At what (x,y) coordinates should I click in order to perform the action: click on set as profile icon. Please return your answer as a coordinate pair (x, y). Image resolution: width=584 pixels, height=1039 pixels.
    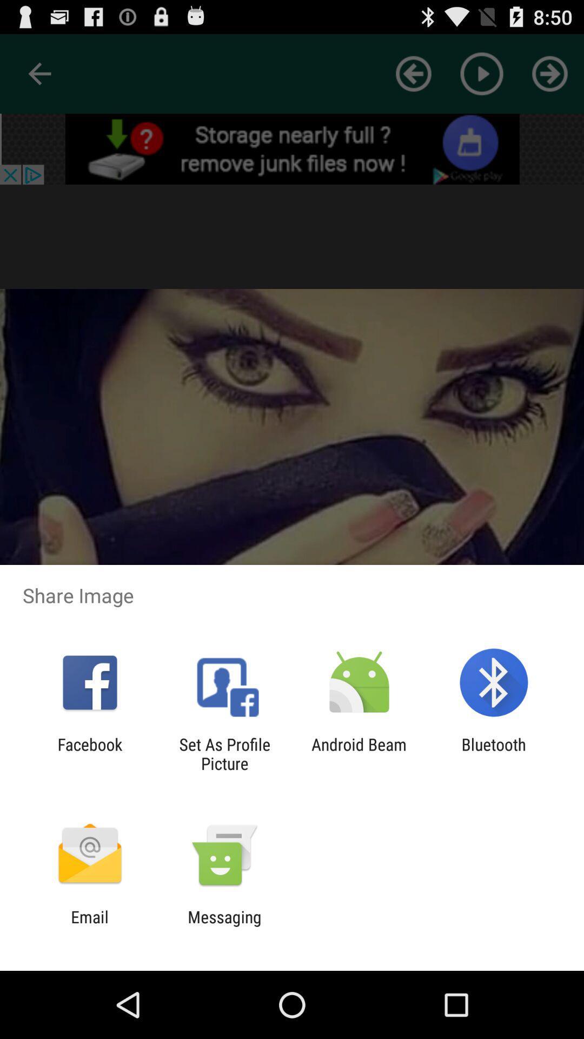
    Looking at the image, I should click on (224, 753).